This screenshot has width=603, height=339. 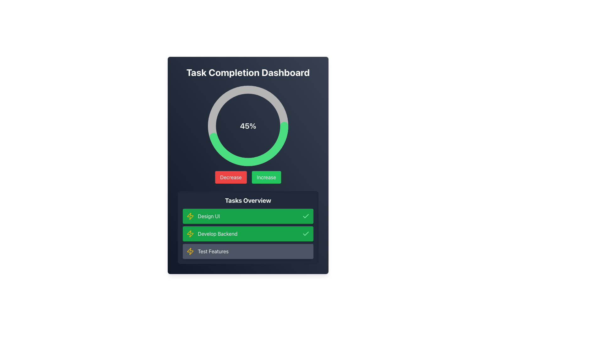 I want to click on the completion icon located on the rightmost side of the green row for the 'Develop Backend' task in the 'Tasks Overview' section to signify that the task has been completed, so click(x=306, y=215).